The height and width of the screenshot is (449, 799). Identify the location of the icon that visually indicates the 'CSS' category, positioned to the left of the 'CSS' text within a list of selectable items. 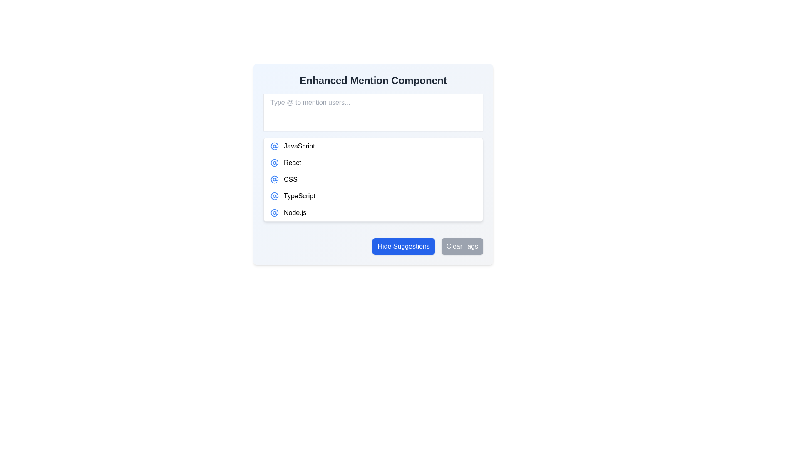
(275, 179).